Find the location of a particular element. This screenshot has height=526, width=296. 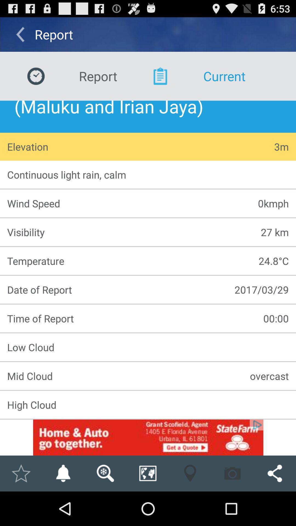

advertisement page is located at coordinates (148, 437).